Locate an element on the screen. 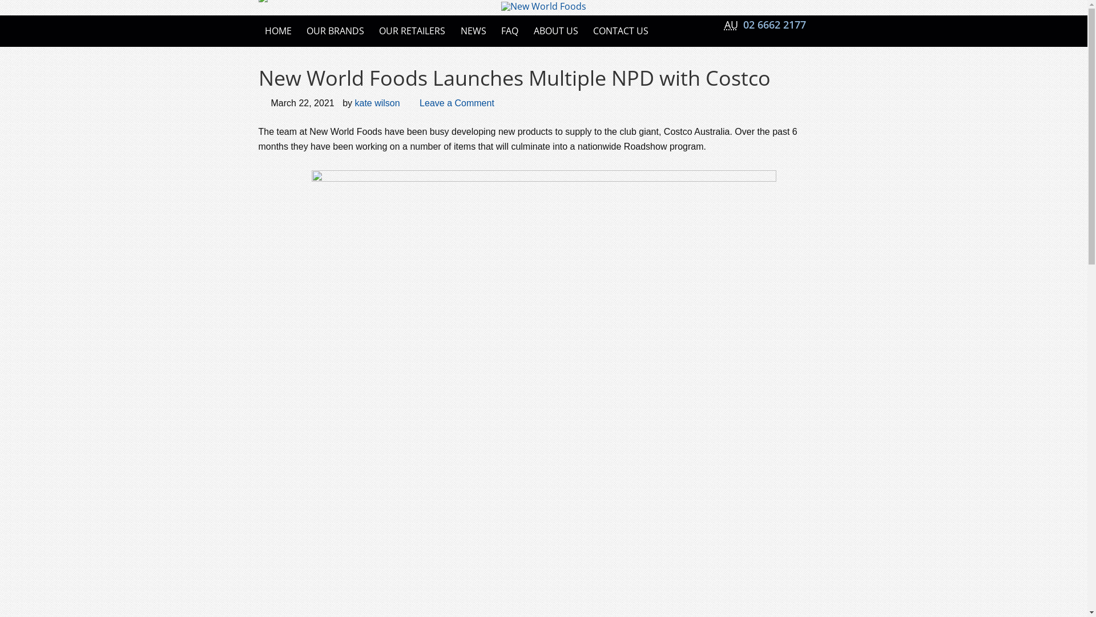 The image size is (1096, 617). 'OUR RETAILERS' is located at coordinates (411, 30).